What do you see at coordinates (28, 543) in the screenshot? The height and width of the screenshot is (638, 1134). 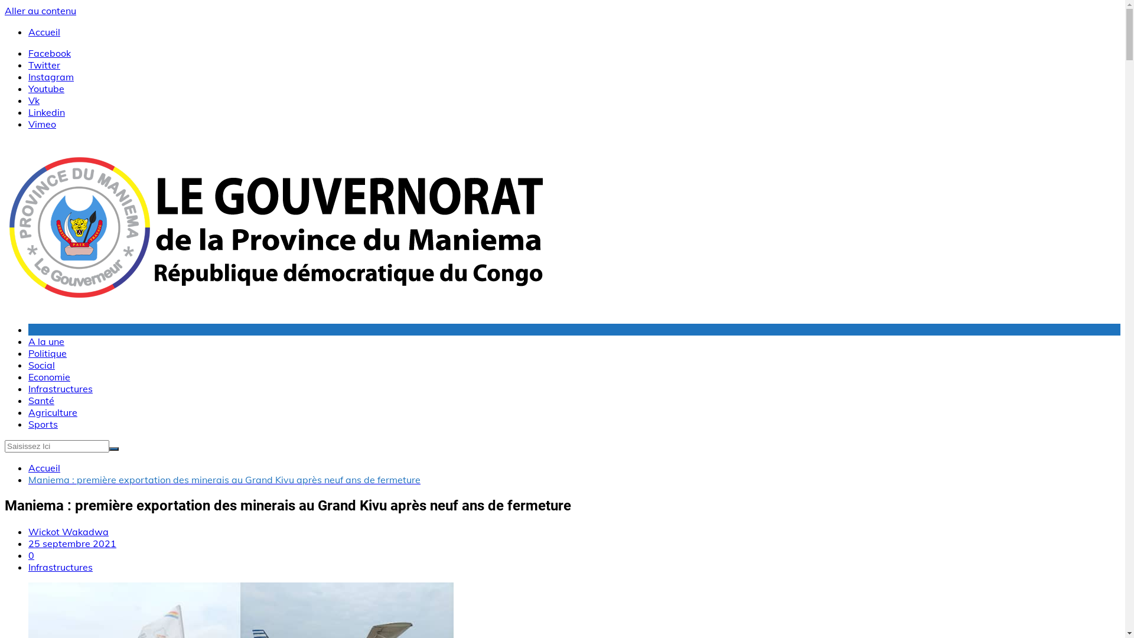 I see `'25 septembre 2021'` at bounding box center [28, 543].